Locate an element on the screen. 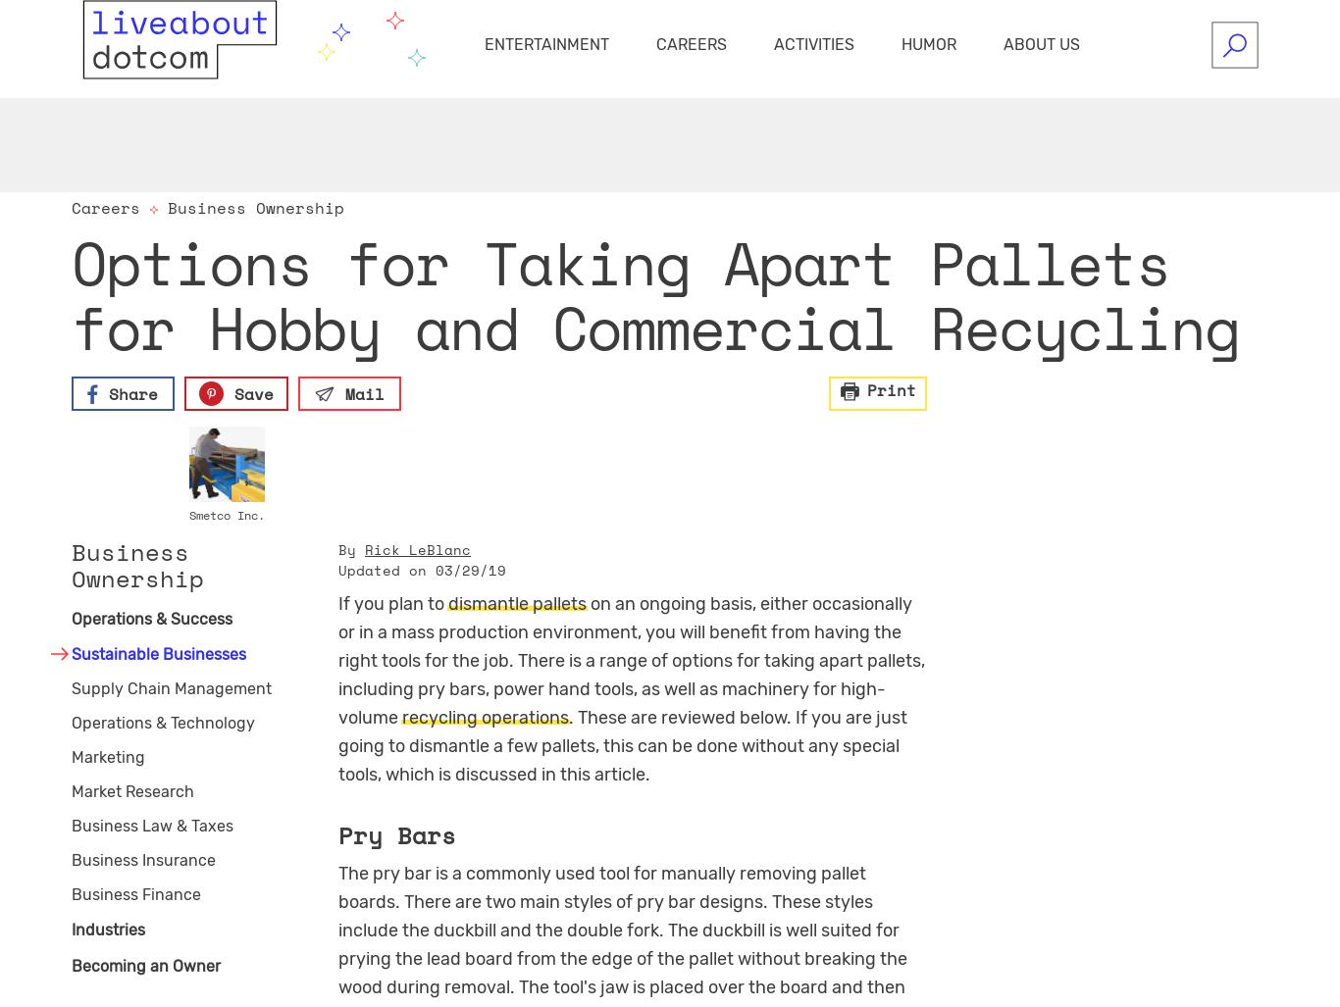 The height and width of the screenshot is (1007, 1340). 'About Us' is located at coordinates (1041, 43).